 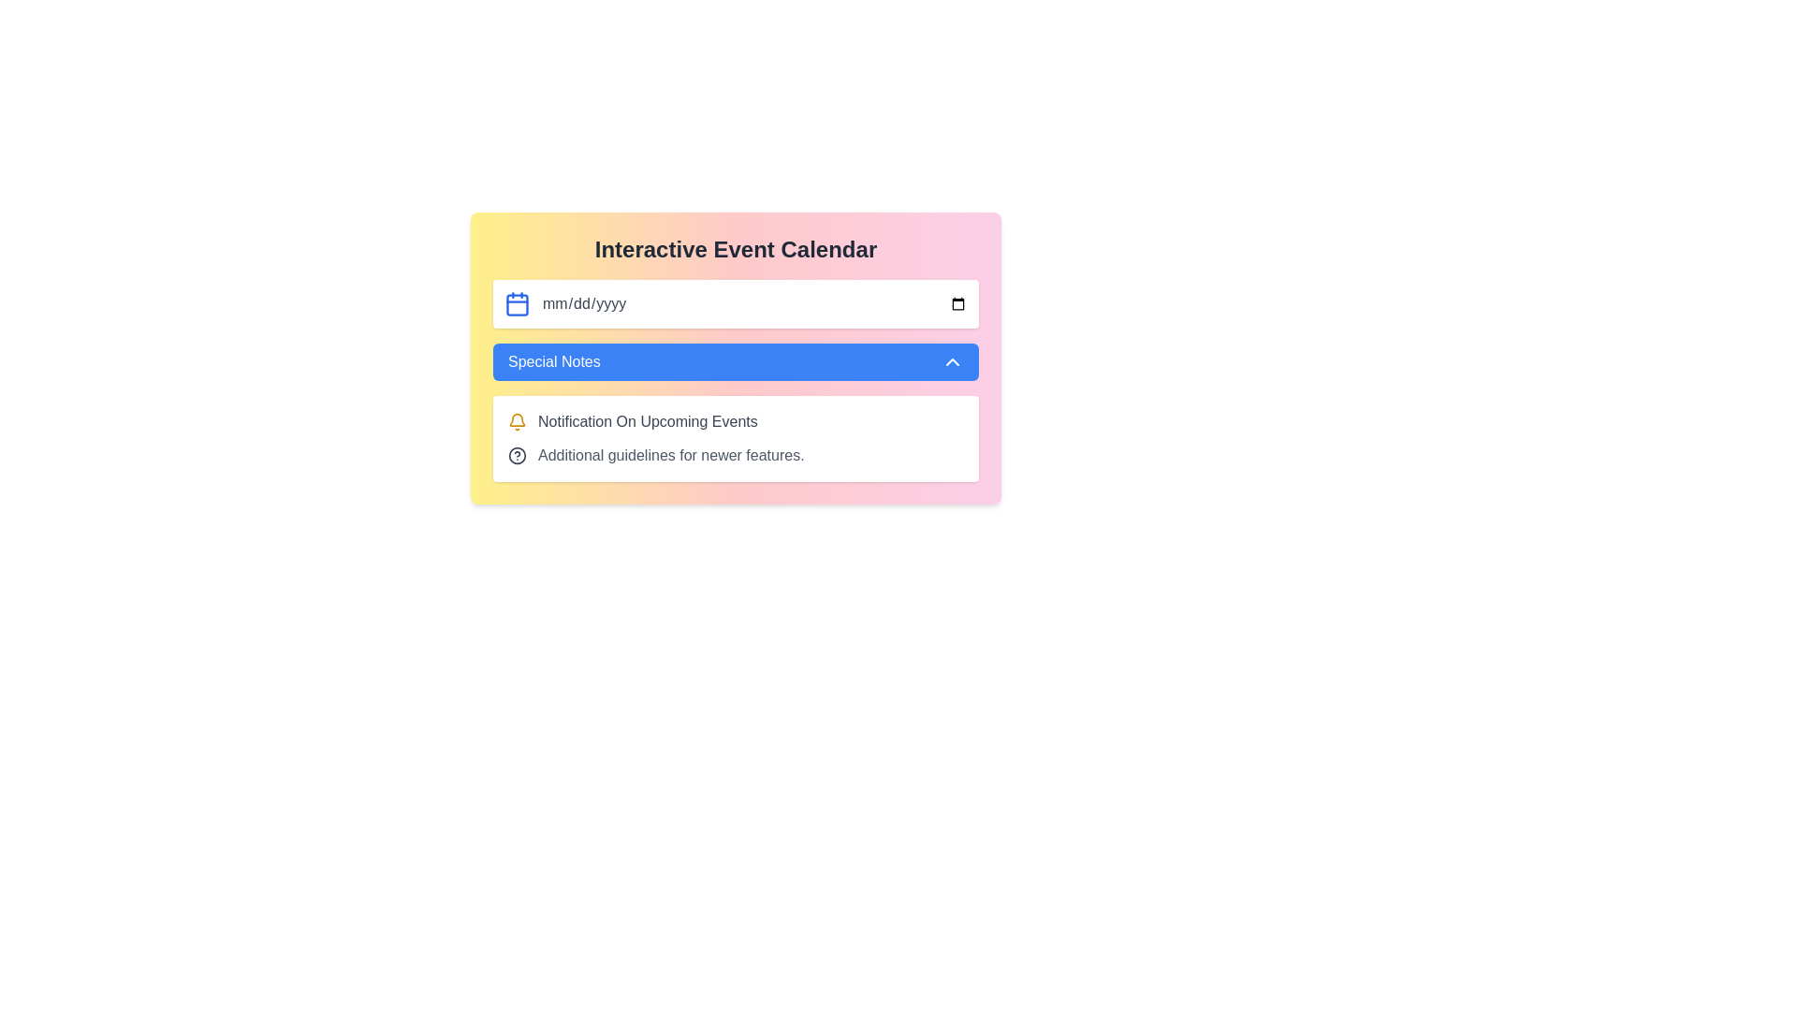 What do you see at coordinates (735, 358) in the screenshot?
I see `the 'Special Notes' button in the 'Interactive Event Calendar' section` at bounding box center [735, 358].